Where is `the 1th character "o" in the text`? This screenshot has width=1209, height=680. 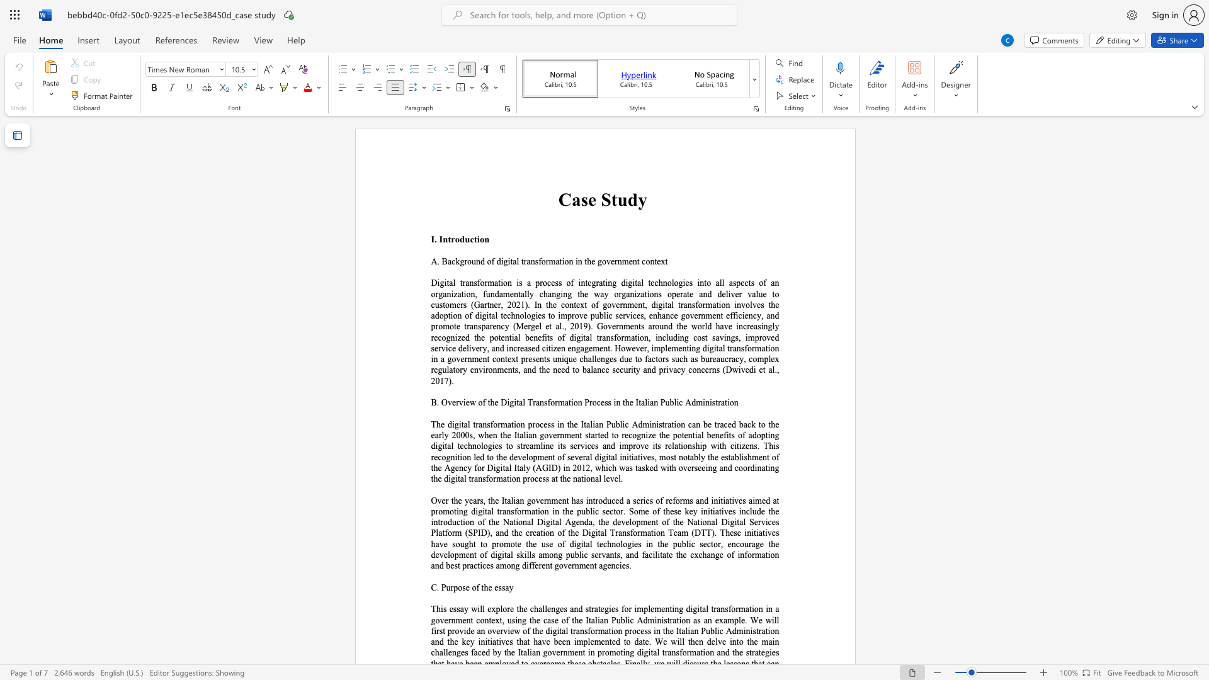 the 1th character "o" in the text is located at coordinates (729, 554).